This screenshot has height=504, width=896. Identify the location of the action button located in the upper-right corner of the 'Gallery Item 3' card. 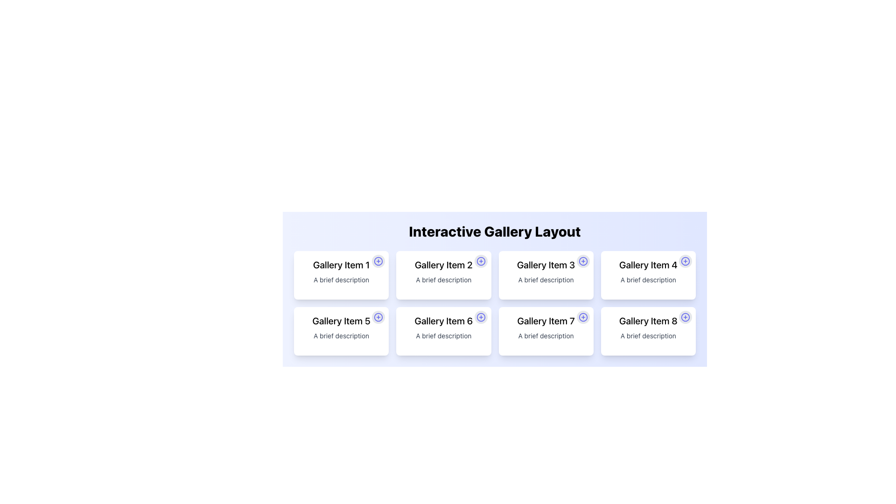
(582, 261).